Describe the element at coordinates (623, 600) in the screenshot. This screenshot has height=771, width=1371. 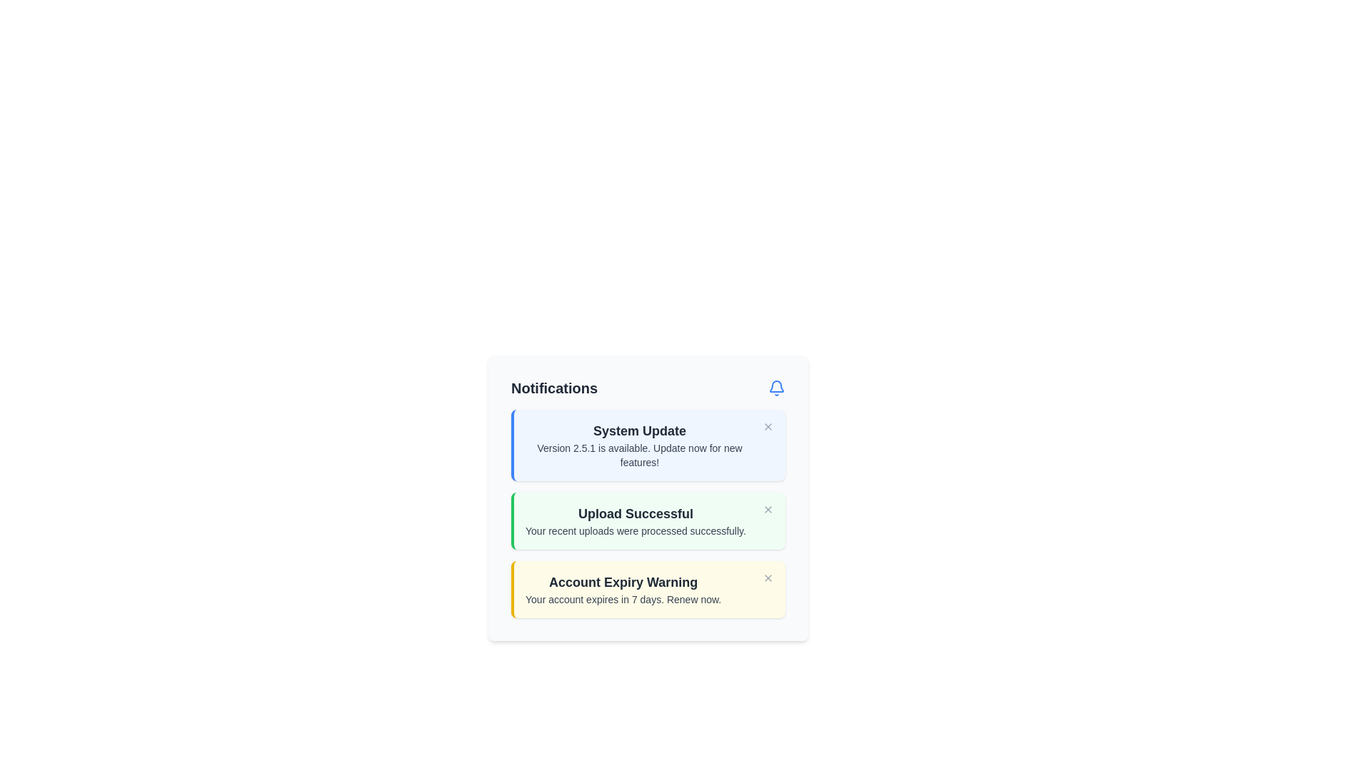
I see `the text label that reads 'Your account expires in 7 days. Renew now.' which is styled in a smaller gray font and is located under the heading 'Account Expiry Warning' within a yellow-bordered notification card` at that location.